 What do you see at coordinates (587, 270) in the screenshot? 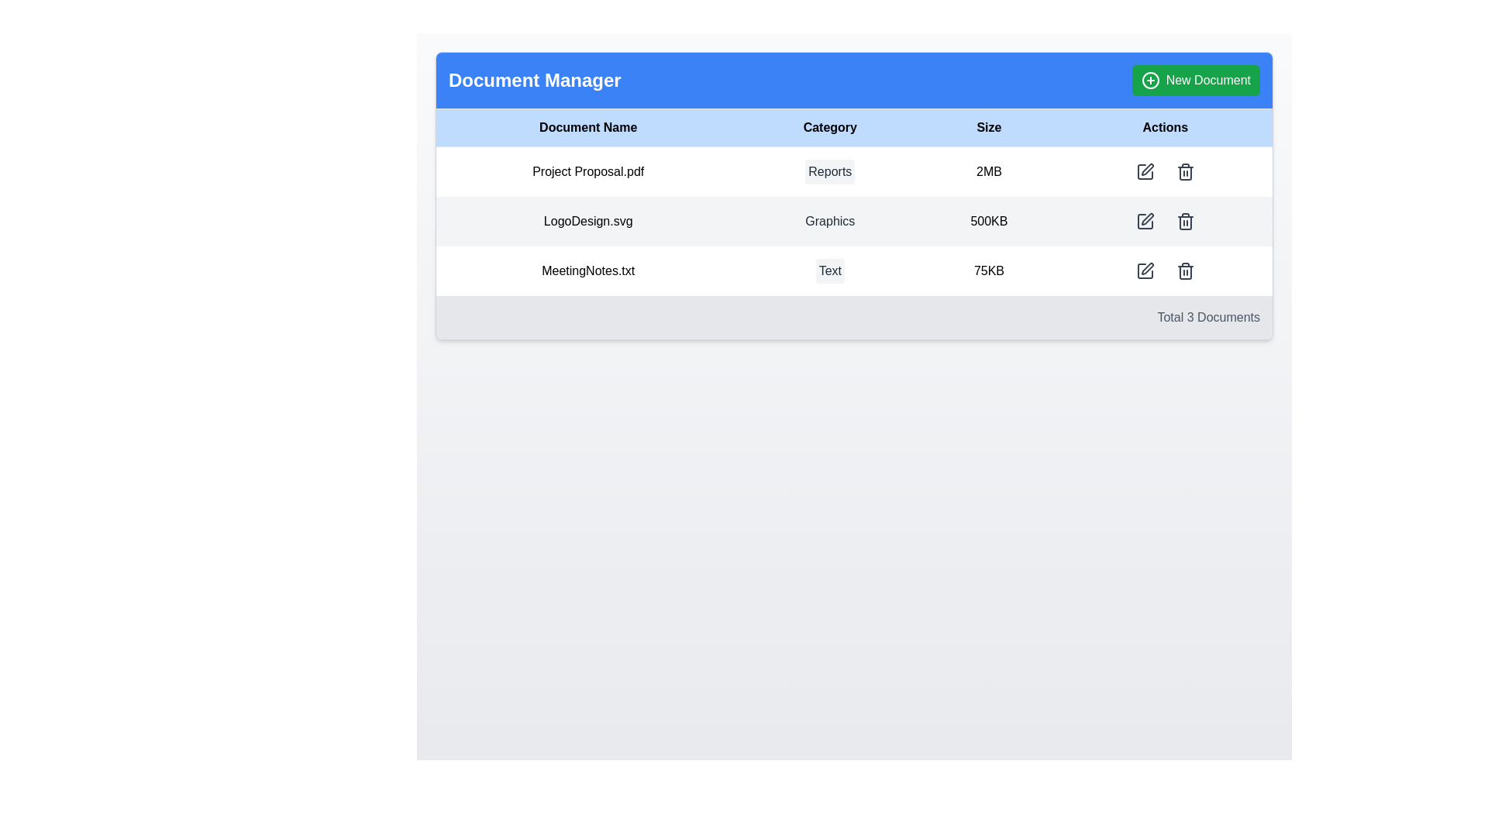
I see `the text label displaying 'MeetingNotes.txt' which is located in the third row of the table under the 'Document Name' column` at bounding box center [587, 270].